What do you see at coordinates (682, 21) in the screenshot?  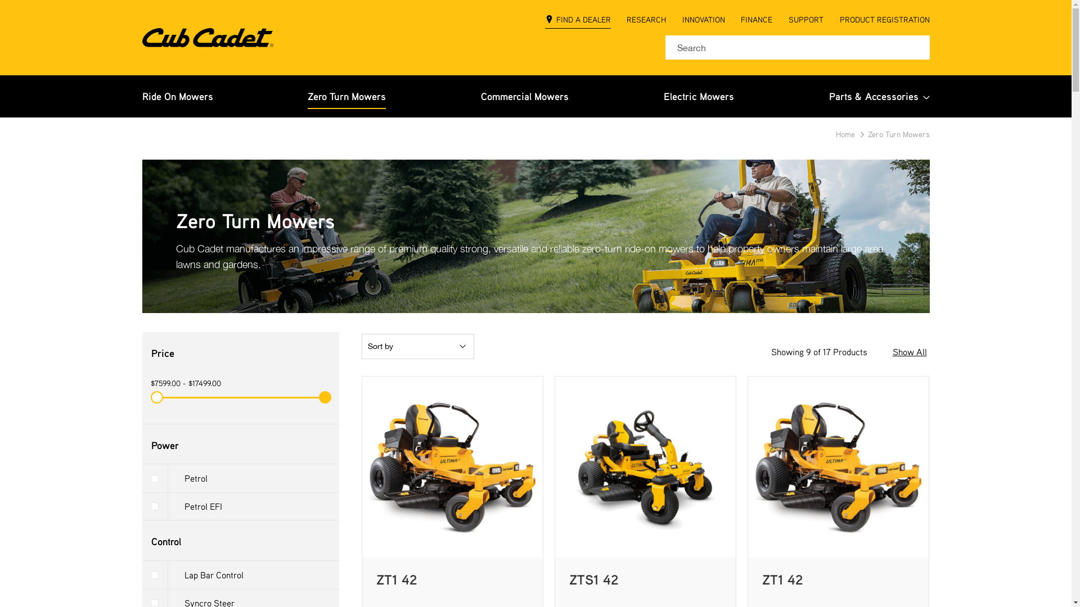 I see `'INNOVATION'` at bounding box center [682, 21].